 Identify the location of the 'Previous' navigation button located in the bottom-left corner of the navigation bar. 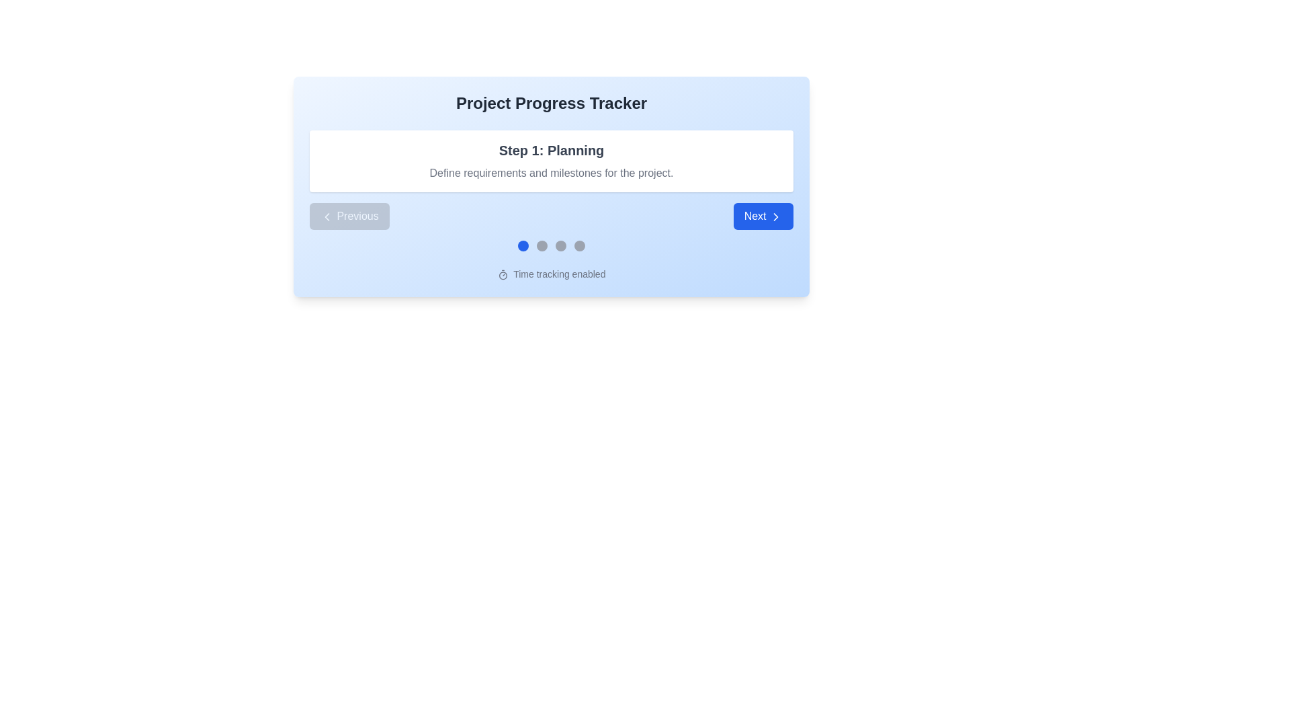
(349, 215).